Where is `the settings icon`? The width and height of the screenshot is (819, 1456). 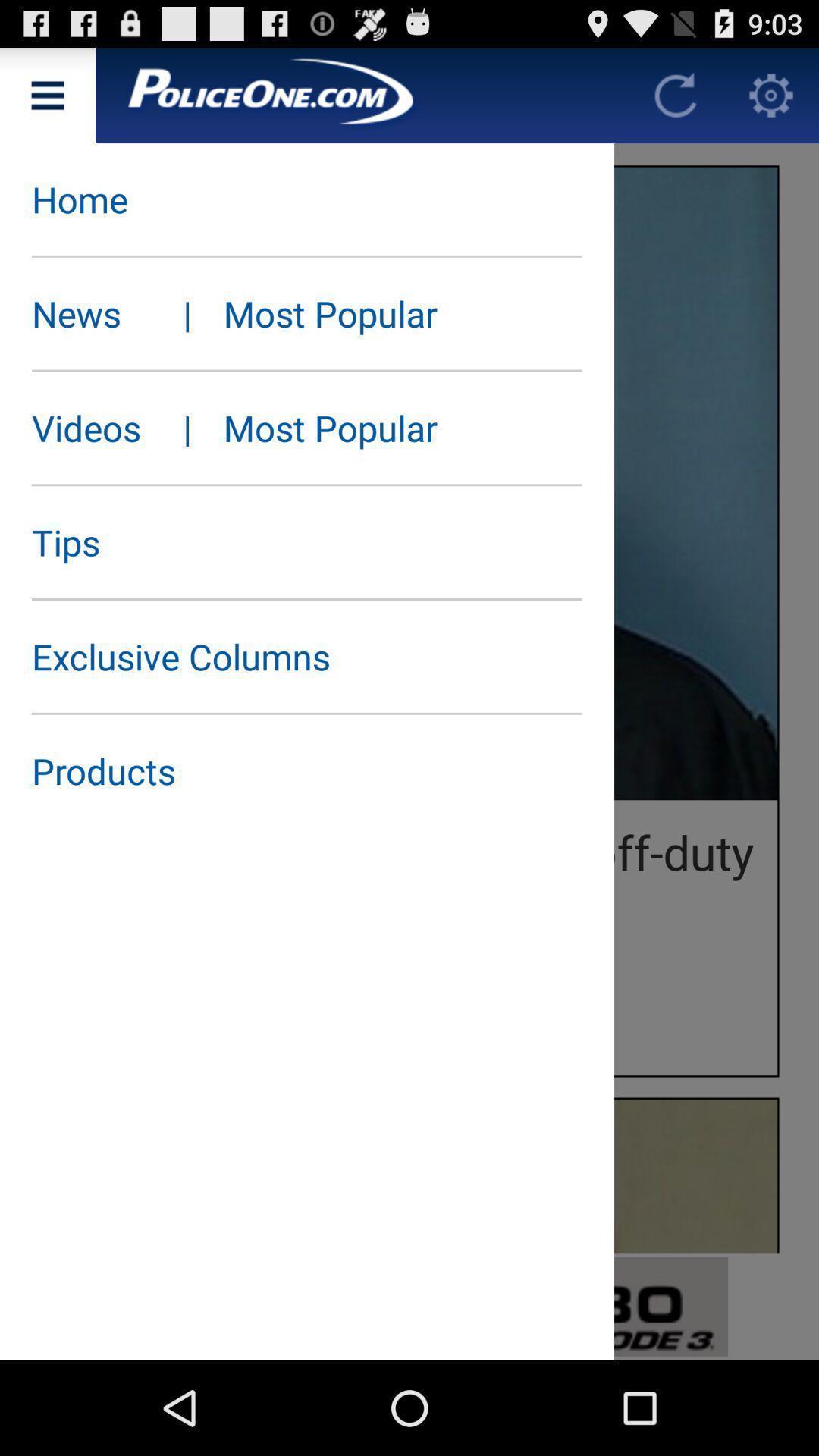
the settings icon is located at coordinates (771, 101).